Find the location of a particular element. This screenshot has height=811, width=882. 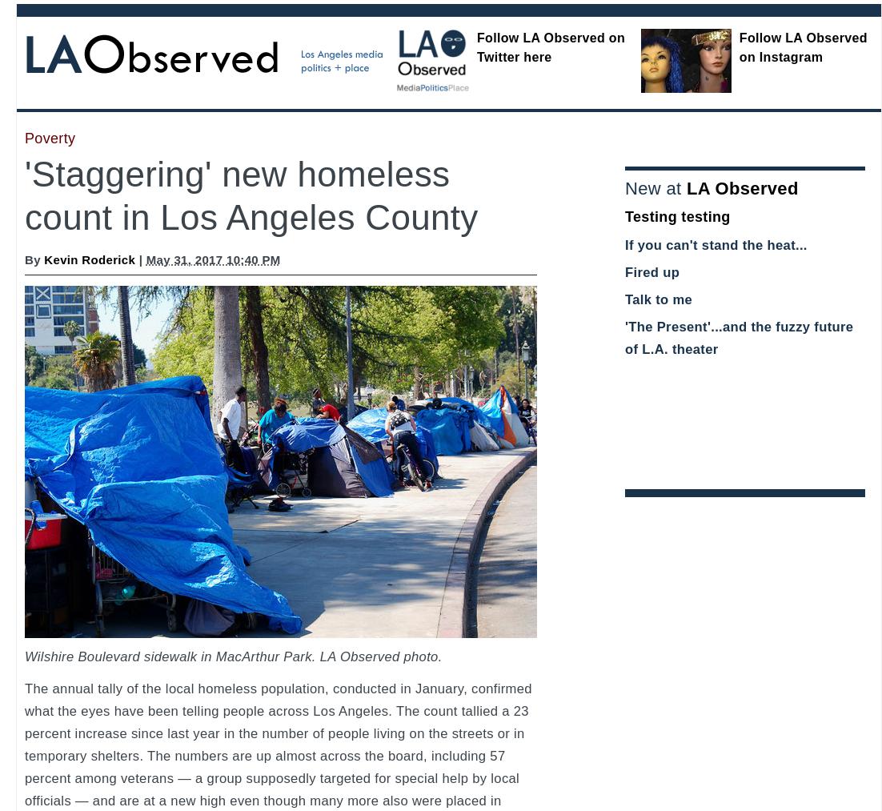

'LA Observed' is located at coordinates (741, 187).